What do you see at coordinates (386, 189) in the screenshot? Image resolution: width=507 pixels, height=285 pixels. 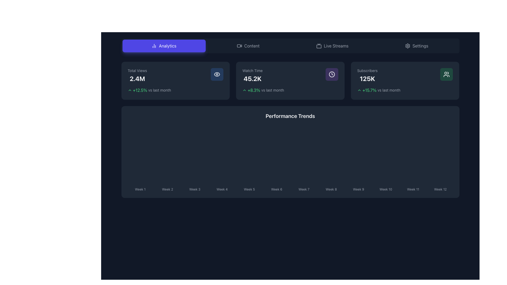 I see `the 'Week 10' text label located in the bottom section of the 'Performance Trends' graph, which is the tenth label in a sequence of week labels` at bounding box center [386, 189].